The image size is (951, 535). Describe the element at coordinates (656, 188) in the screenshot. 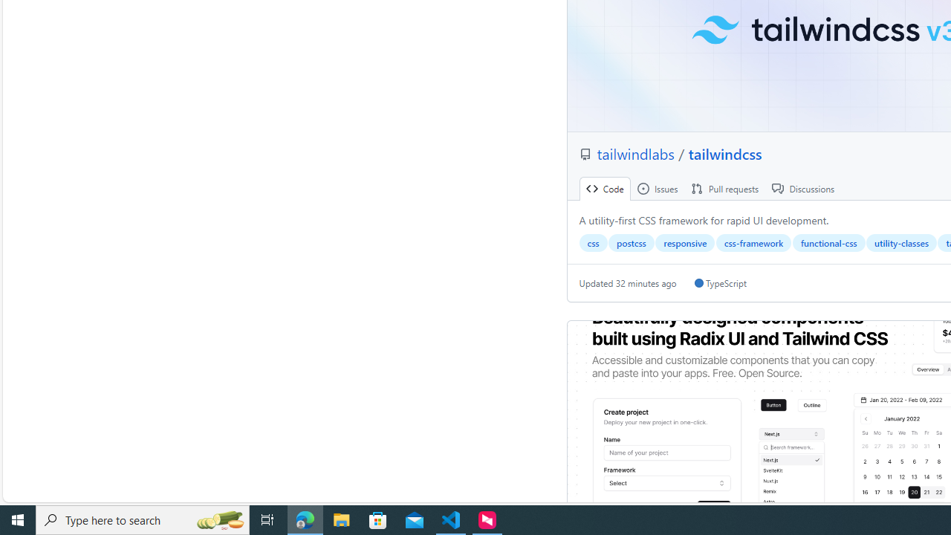

I see `' Issues'` at that location.